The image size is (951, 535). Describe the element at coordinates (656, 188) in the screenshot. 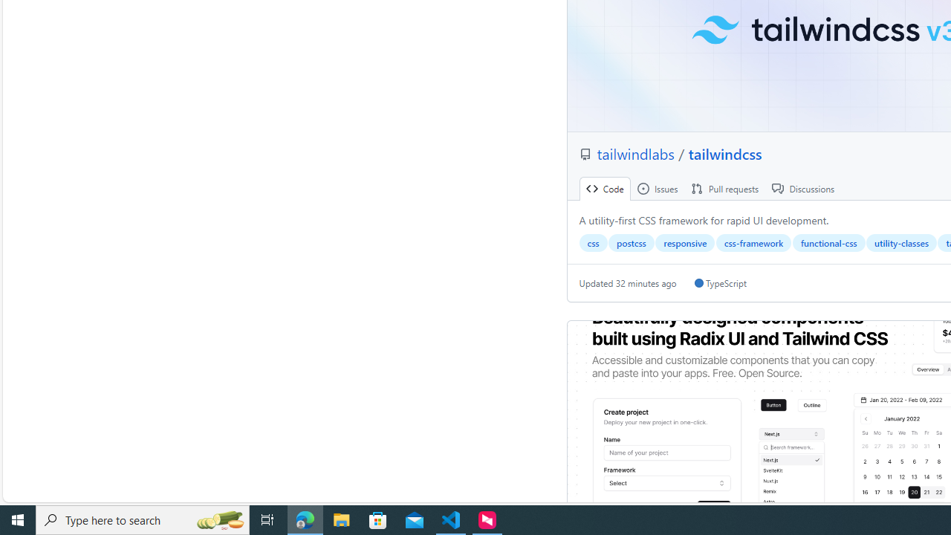

I see `' Issues'` at that location.